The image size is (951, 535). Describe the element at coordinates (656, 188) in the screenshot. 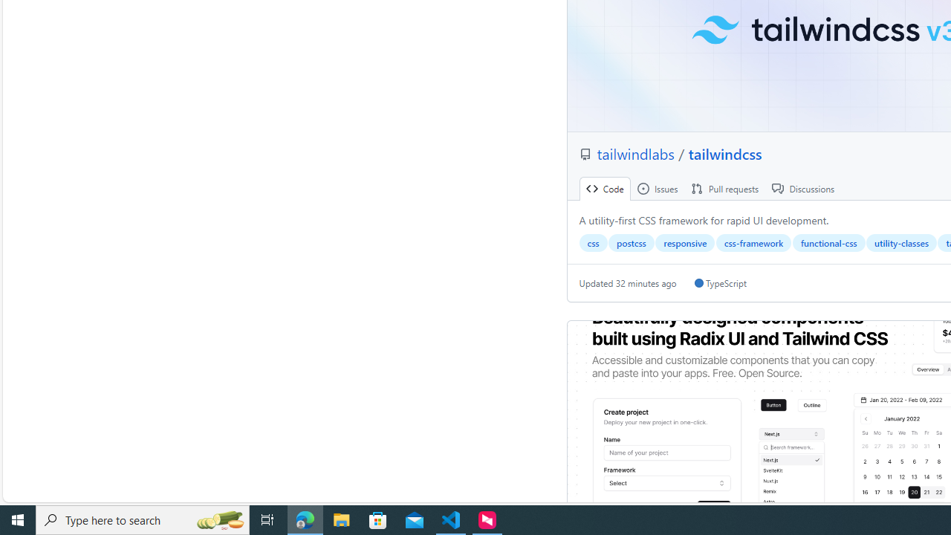

I see `' Issues'` at that location.